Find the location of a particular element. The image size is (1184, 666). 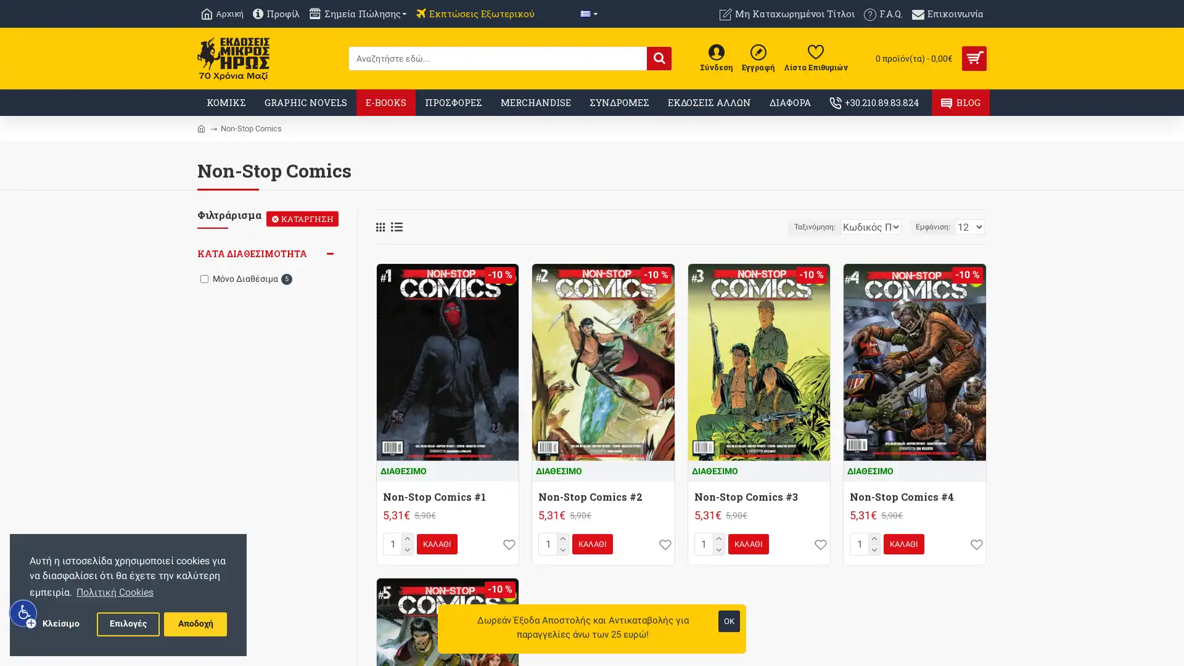

settings cookies is located at coordinates (128, 623).